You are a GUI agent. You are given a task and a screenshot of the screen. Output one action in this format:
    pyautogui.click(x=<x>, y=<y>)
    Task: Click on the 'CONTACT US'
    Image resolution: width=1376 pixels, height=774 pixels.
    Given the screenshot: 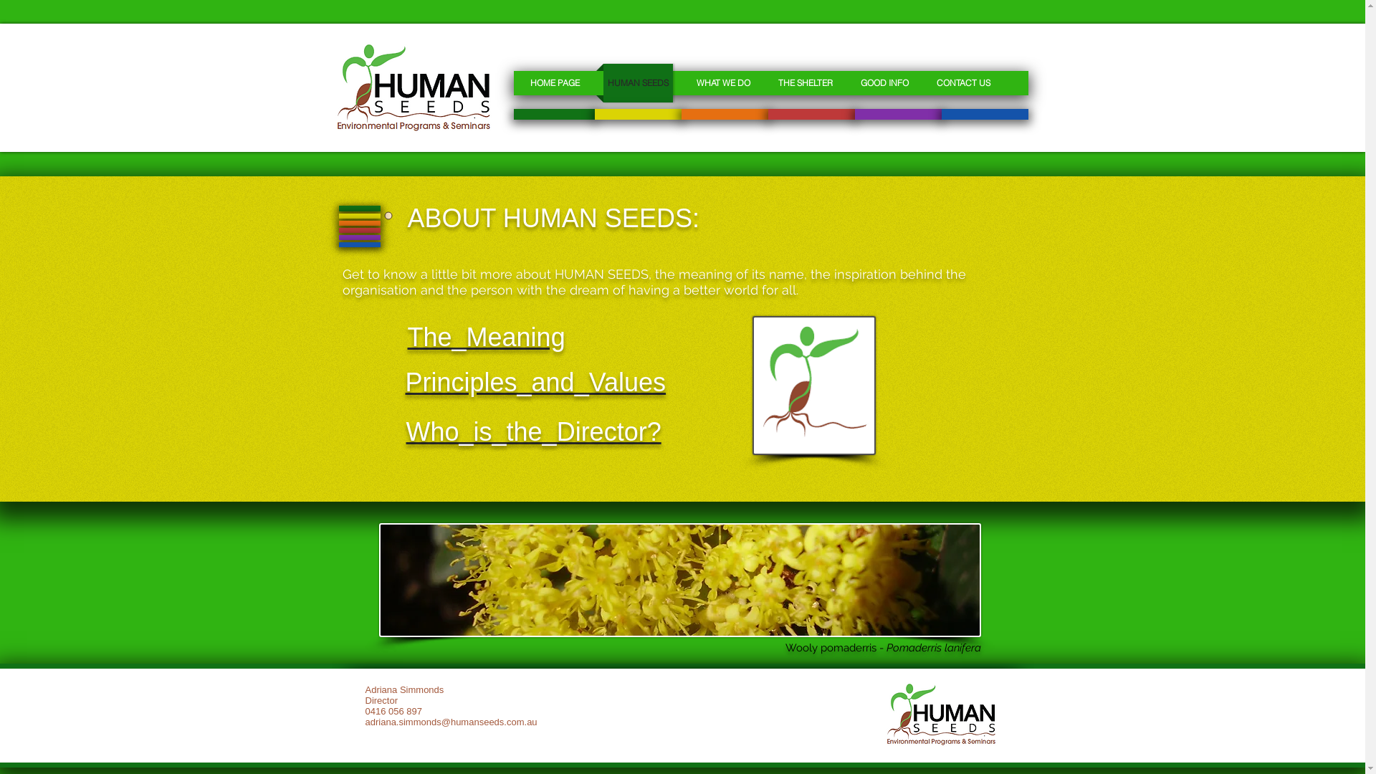 What is the action you would take?
    pyautogui.click(x=962, y=82)
    